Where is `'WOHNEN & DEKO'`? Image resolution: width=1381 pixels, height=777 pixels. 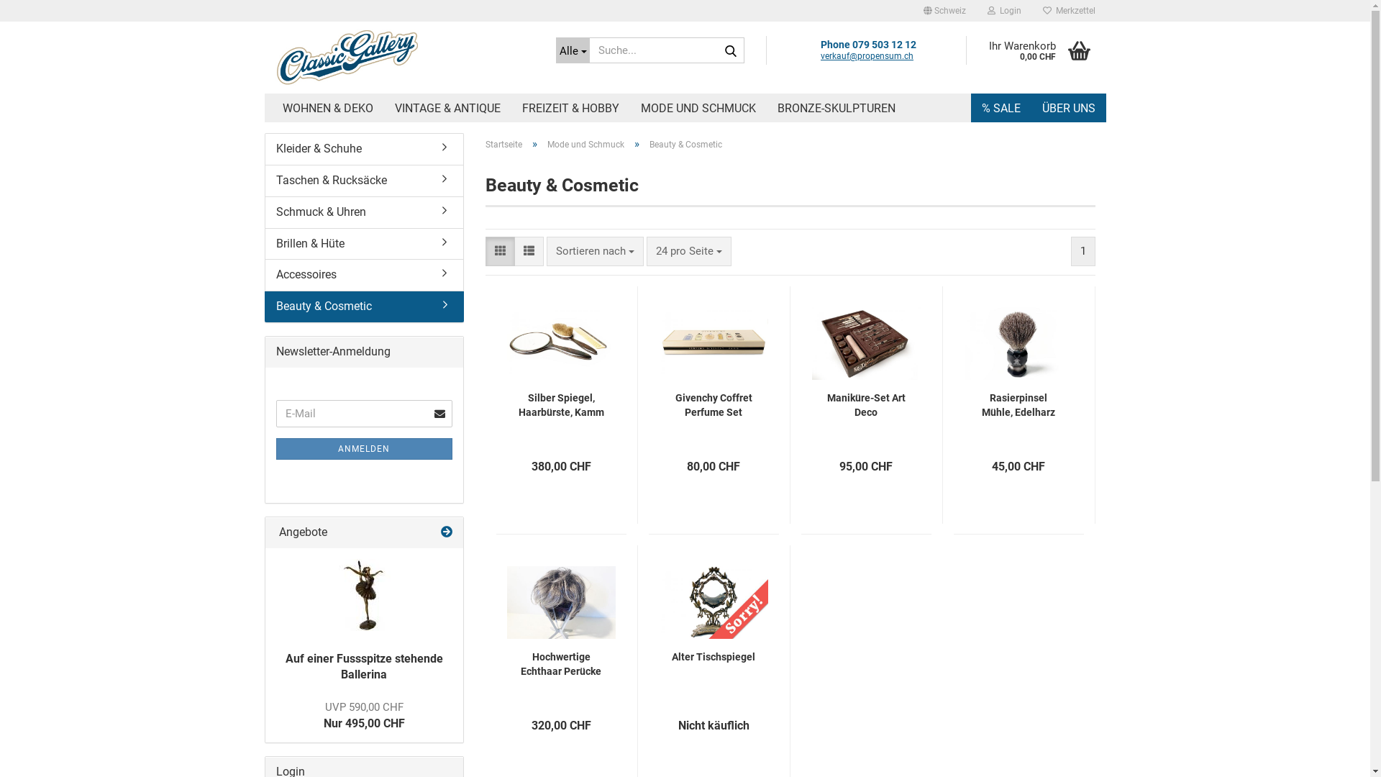 'WOHNEN & DEKO' is located at coordinates (327, 107).